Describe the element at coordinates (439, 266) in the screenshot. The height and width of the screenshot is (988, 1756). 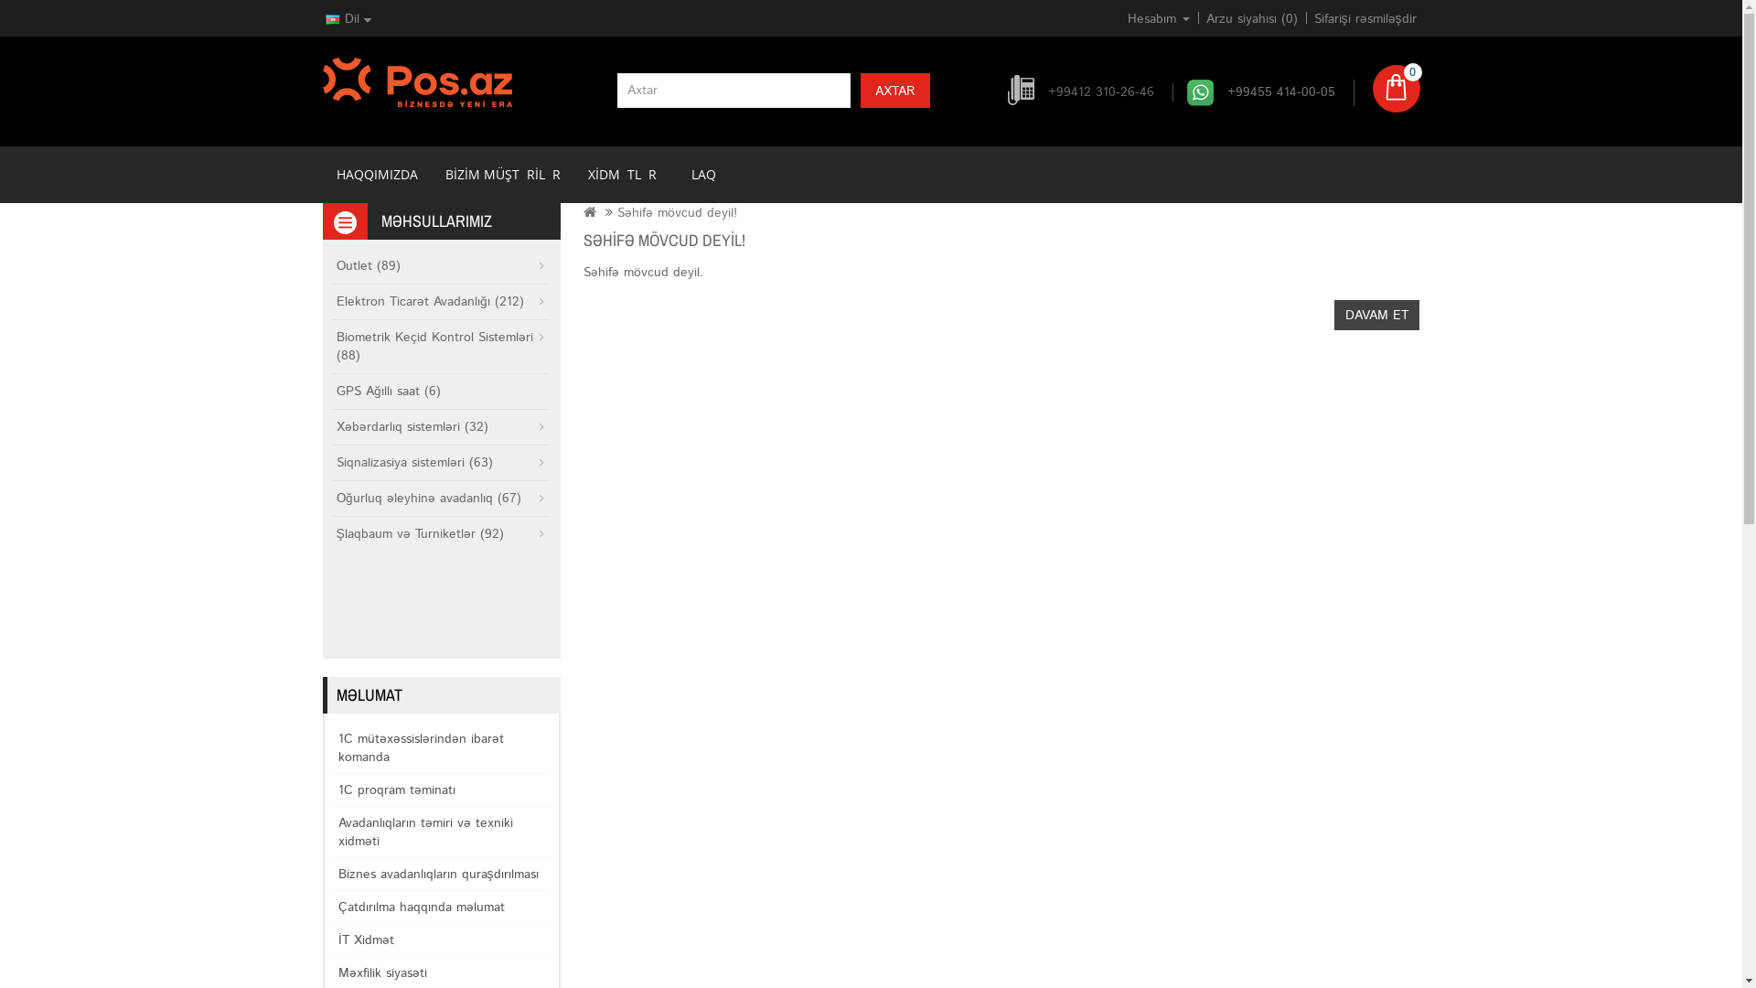
I see `'Outlet (89)'` at that location.